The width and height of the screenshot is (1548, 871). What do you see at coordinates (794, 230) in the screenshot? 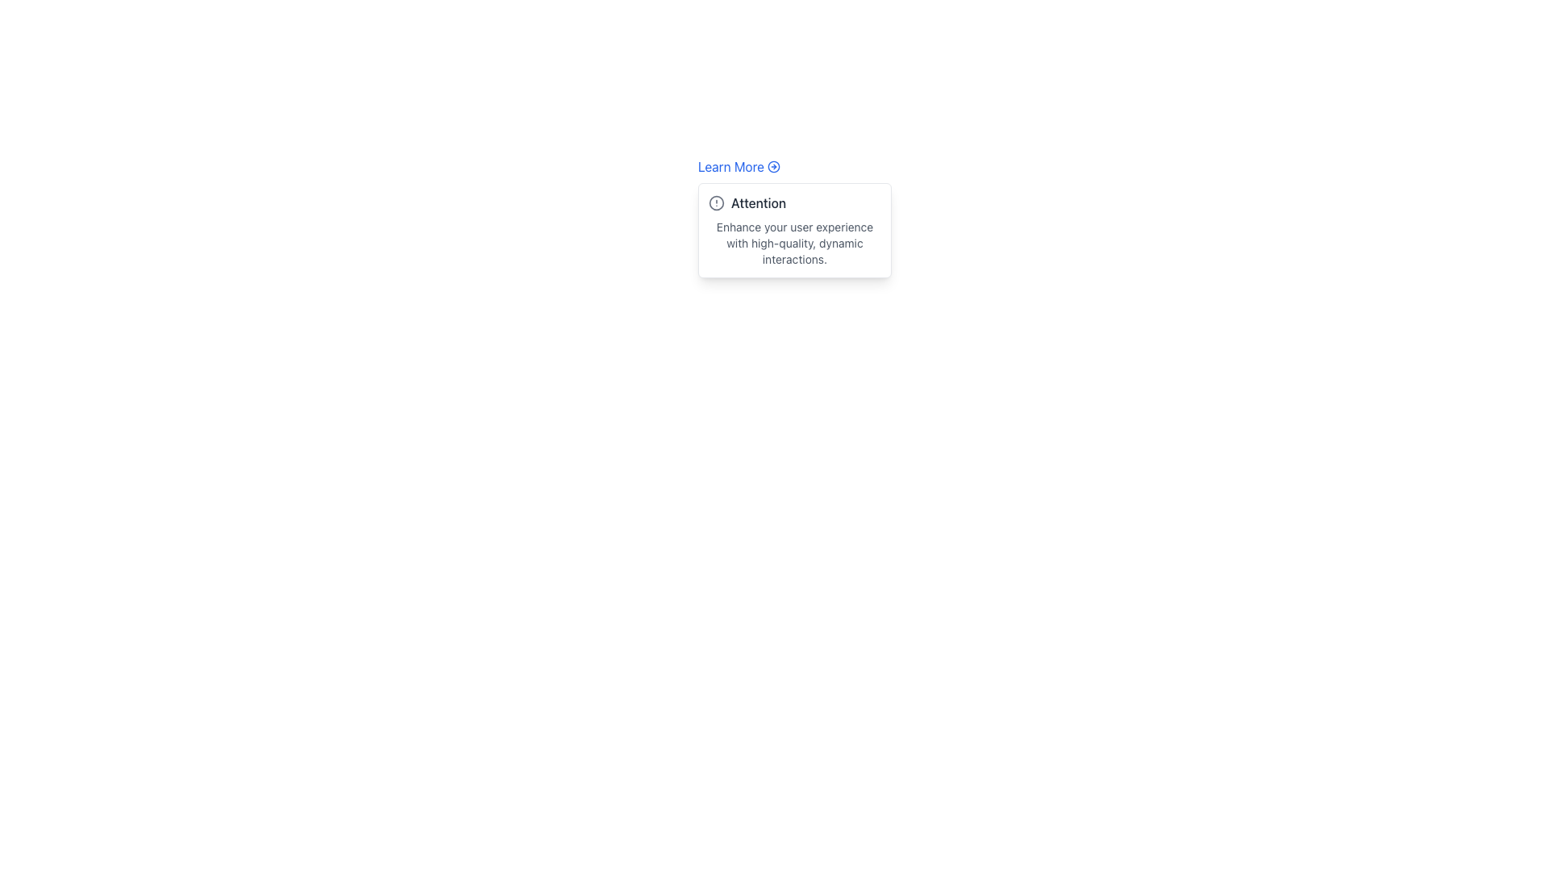
I see `the informational panel or alert box with the heading 'Attention' and subheading 'Enhance your user experience with high-quality, dynamic interactions.'` at bounding box center [794, 230].